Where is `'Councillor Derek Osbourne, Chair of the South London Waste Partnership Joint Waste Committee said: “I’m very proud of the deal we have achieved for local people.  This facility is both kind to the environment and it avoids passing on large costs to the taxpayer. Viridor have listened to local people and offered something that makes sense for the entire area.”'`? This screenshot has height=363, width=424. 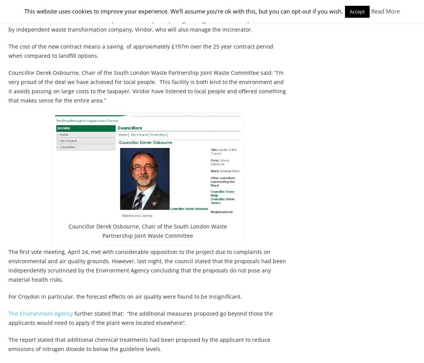 'Councillor Derek Osbourne, Chair of the South London Waste Partnership Joint Waste Committee said: “I’m very proud of the deal we have achieved for local people.  This facility is both kind to the environment and it avoids passing on large costs to the taxpayer. Viridor have listened to local people and offered something that makes sense for the entire area.”' is located at coordinates (147, 86).